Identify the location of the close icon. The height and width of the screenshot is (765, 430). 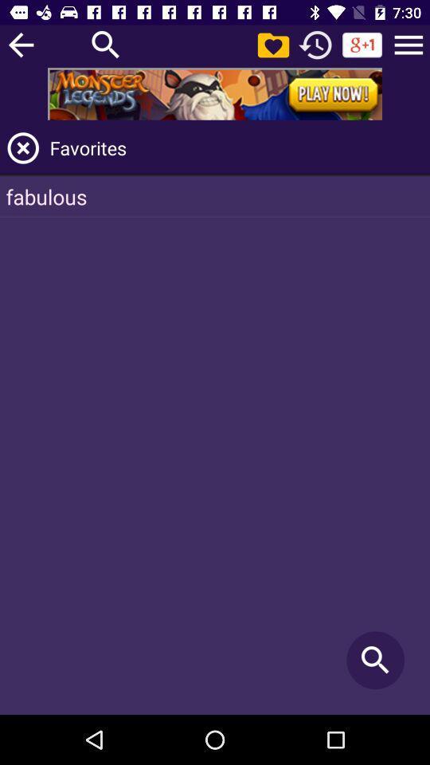
(22, 147).